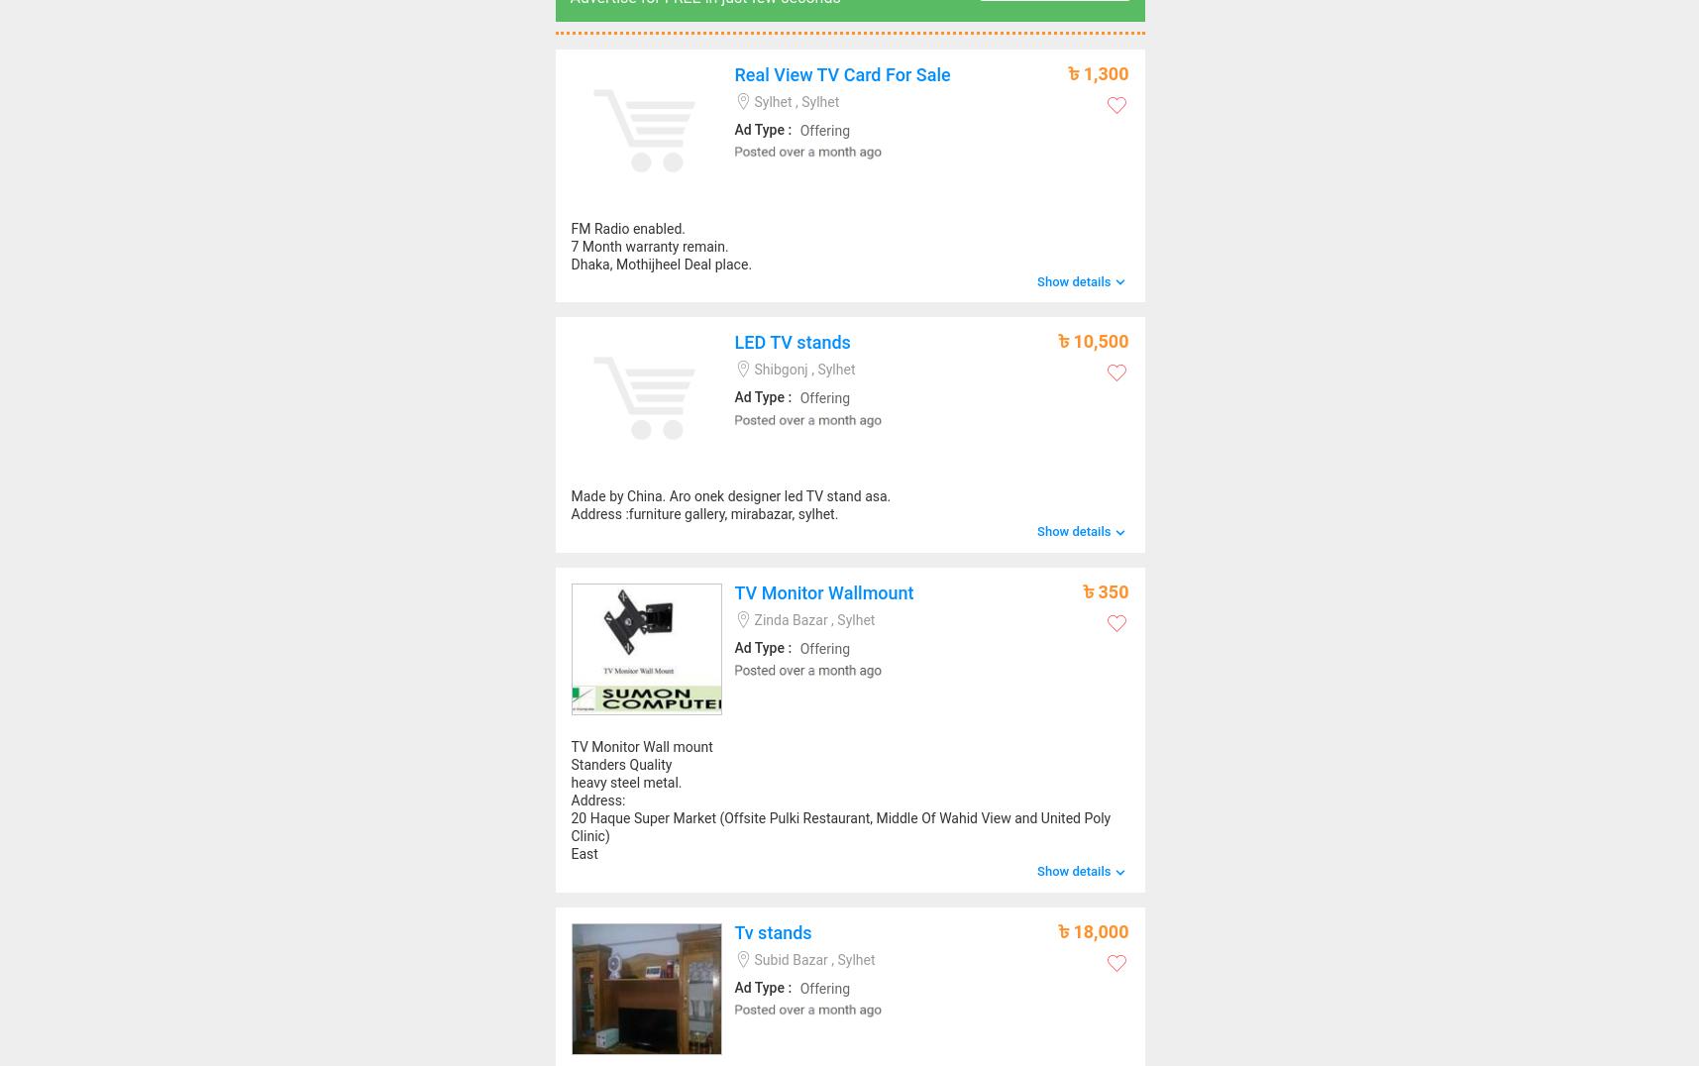 The height and width of the screenshot is (1066, 1699). Describe the element at coordinates (704, 513) in the screenshot. I see `'Address :furniture gallery, mirabazar, sylhet.'` at that location.